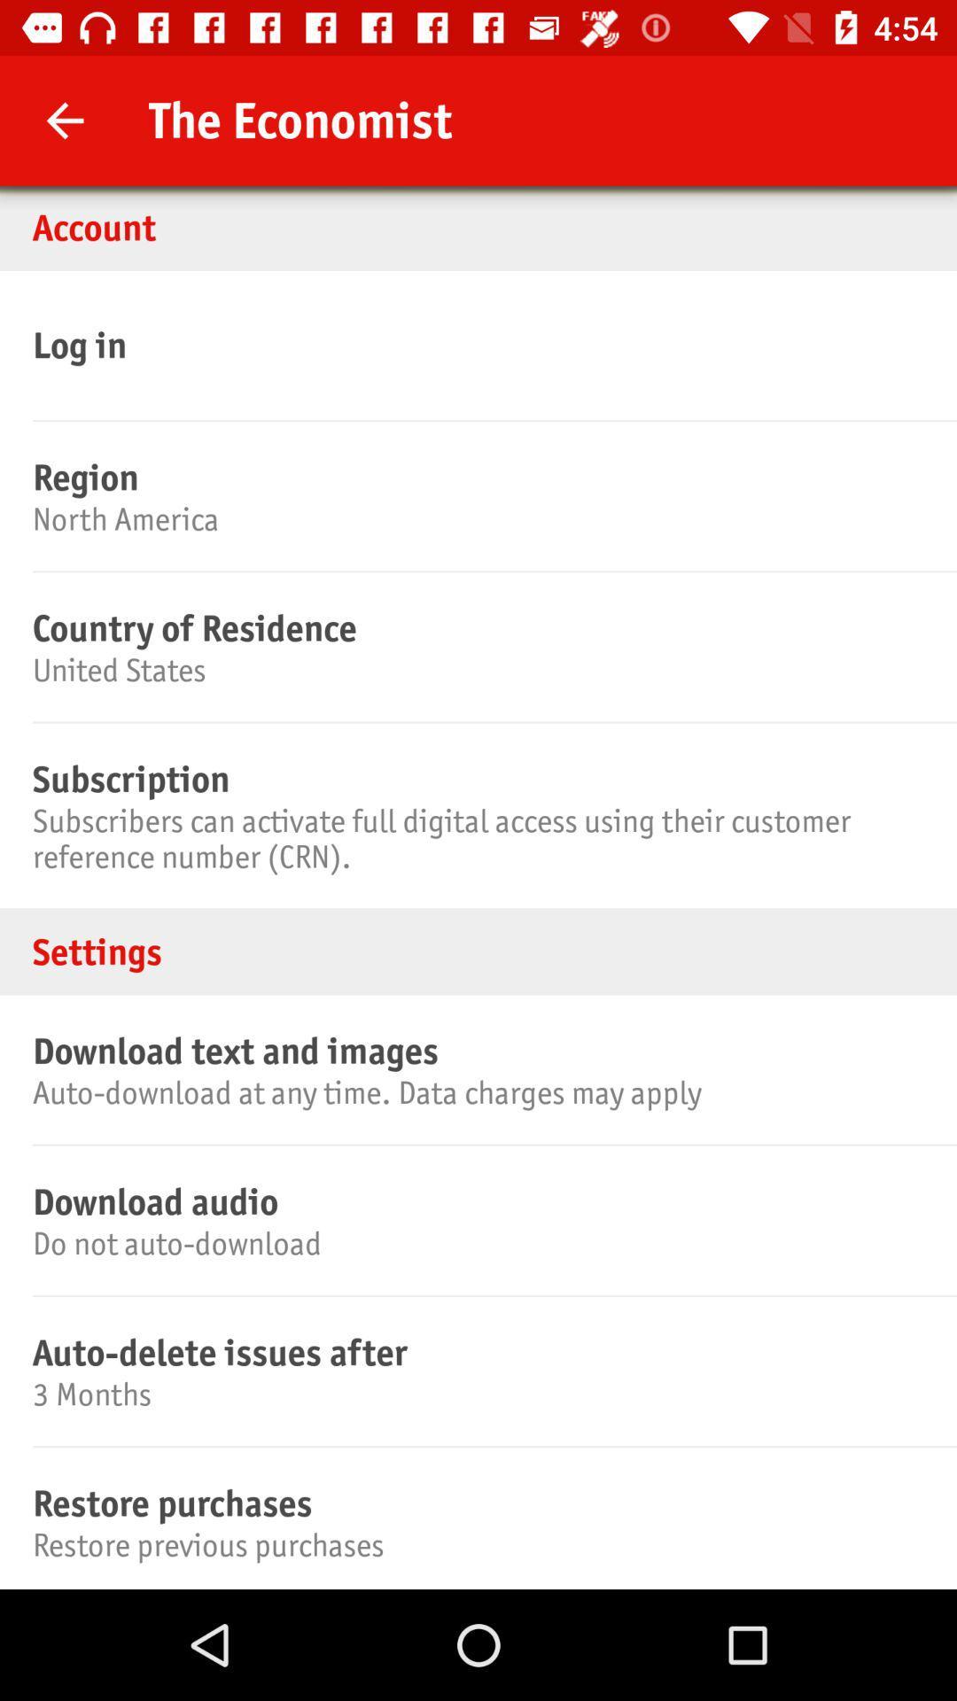 The width and height of the screenshot is (957, 1701). Describe the element at coordinates (475, 518) in the screenshot. I see `the north america item` at that location.